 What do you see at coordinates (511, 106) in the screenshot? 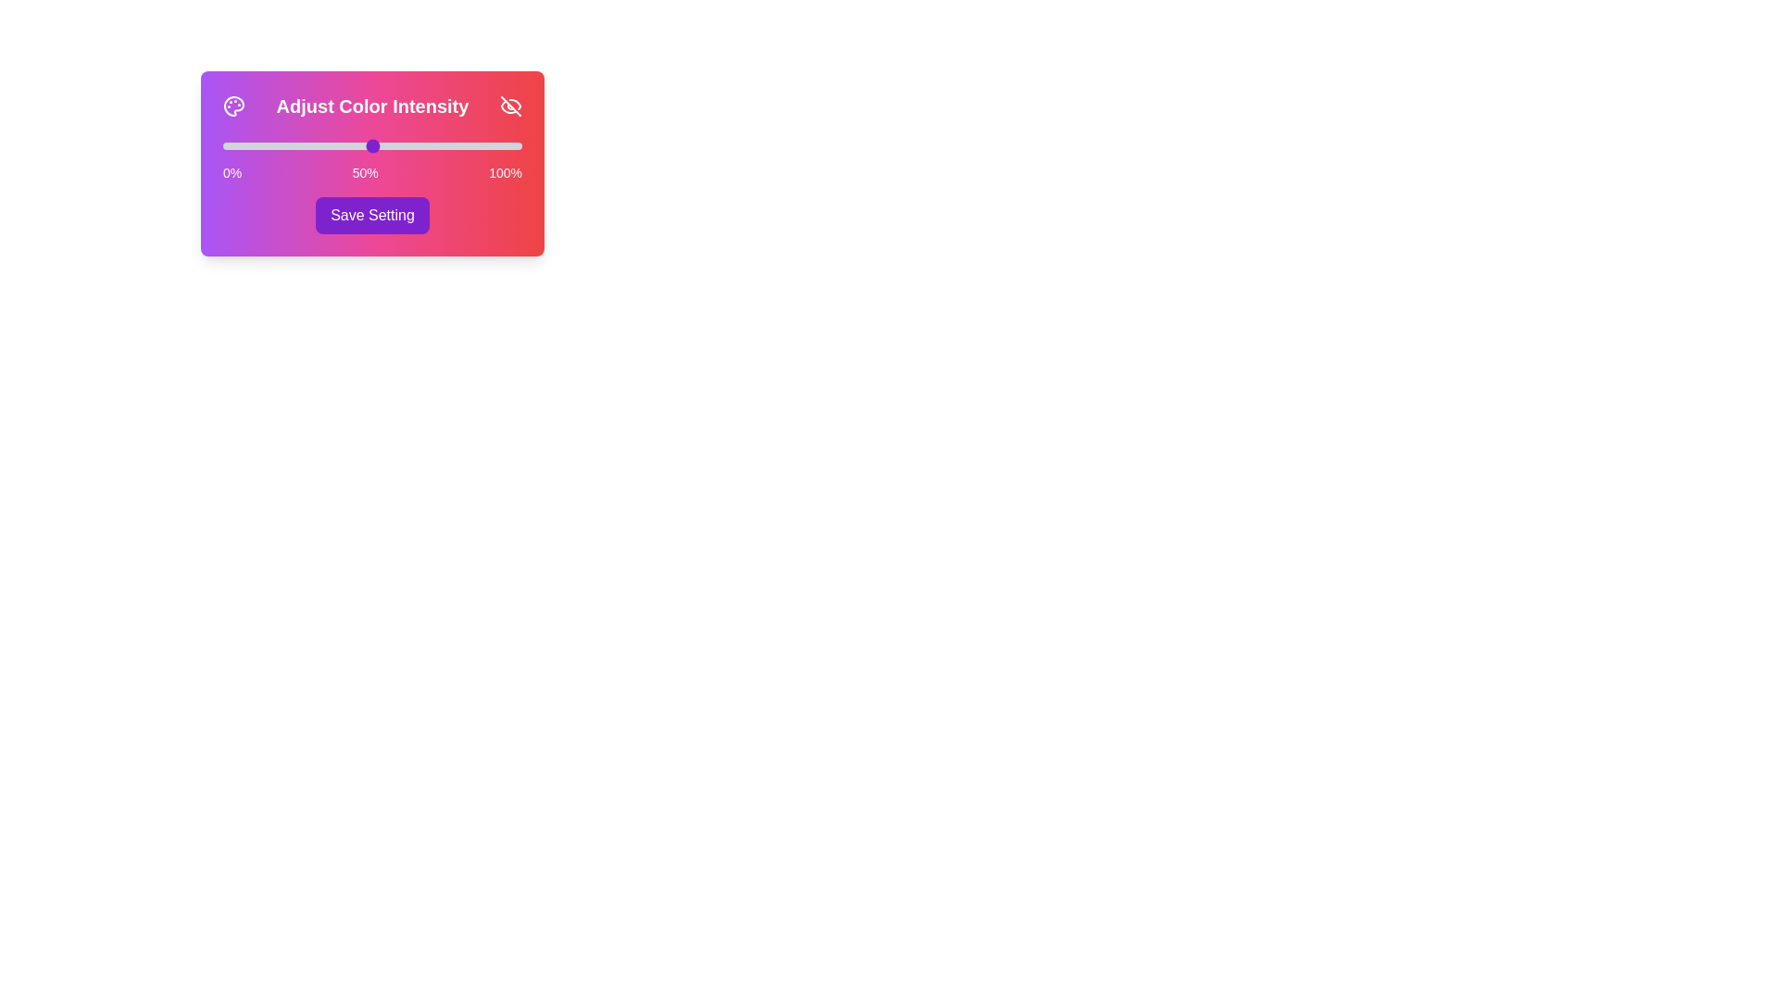
I see `the Eye icon` at bounding box center [511, 106].